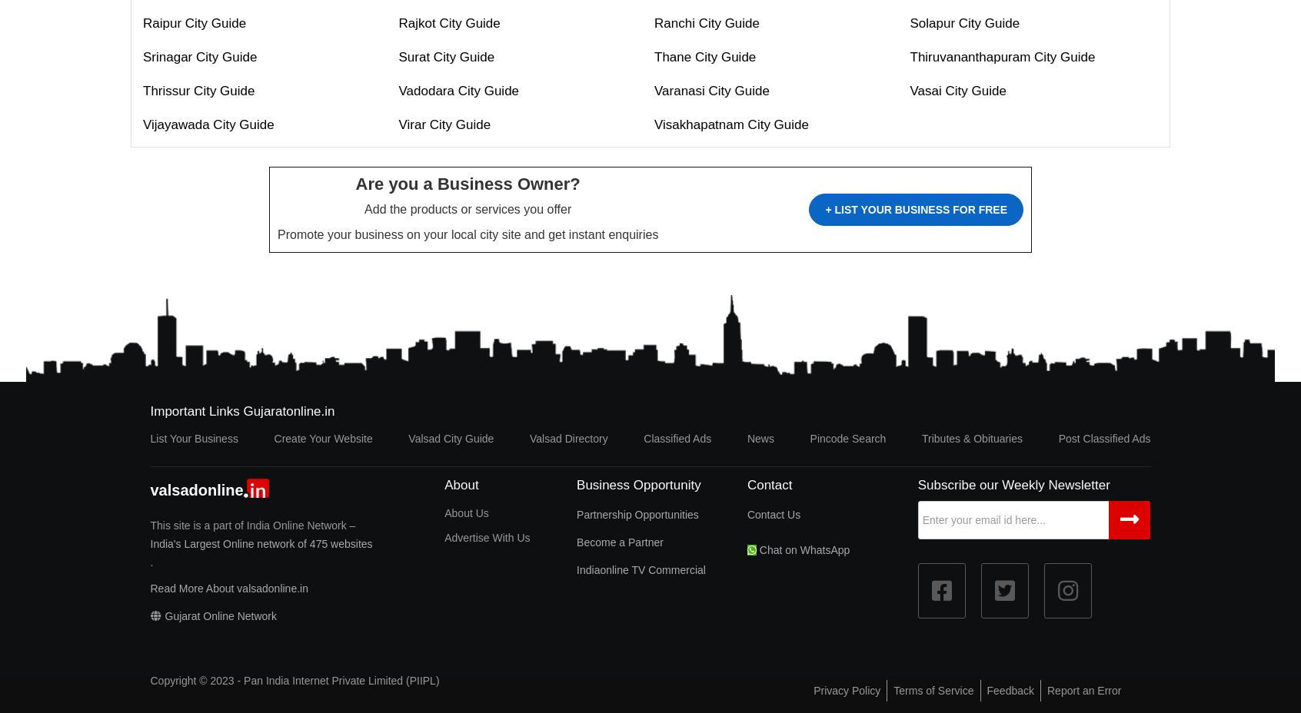  What do you see at coordinates (148, 437) in the screenshot?
I see `'List Your Business'` at bounding box center [148, 437].